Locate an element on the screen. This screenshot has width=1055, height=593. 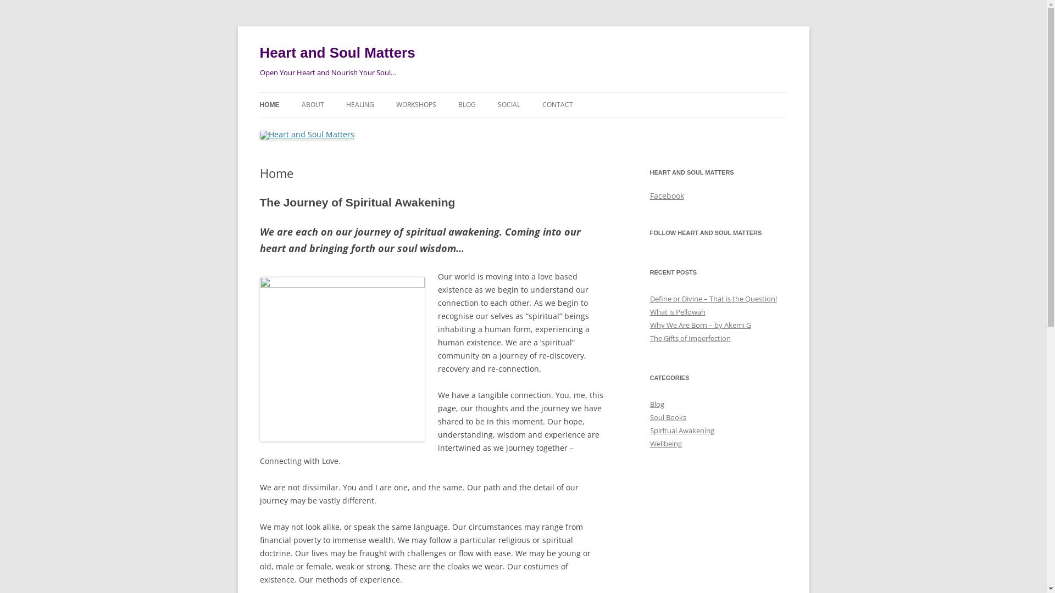
'CONTACT' is located at coordinates (541, 105).